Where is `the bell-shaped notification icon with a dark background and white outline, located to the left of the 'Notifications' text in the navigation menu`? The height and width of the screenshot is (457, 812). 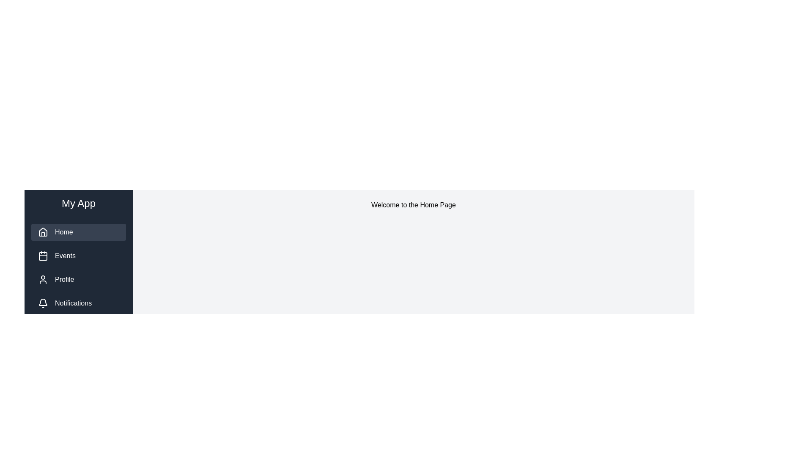 the bell-shaped notification icon with a dark background and white outline, located to the left of the 'Notifications' text in the navigation menu is located at coordinates (42, 303).